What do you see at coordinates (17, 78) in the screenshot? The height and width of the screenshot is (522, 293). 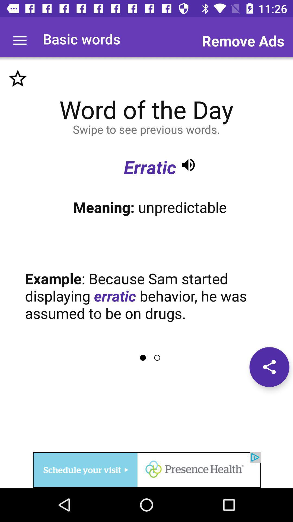 I see `thumbnail` at bounding box center [17, 78].